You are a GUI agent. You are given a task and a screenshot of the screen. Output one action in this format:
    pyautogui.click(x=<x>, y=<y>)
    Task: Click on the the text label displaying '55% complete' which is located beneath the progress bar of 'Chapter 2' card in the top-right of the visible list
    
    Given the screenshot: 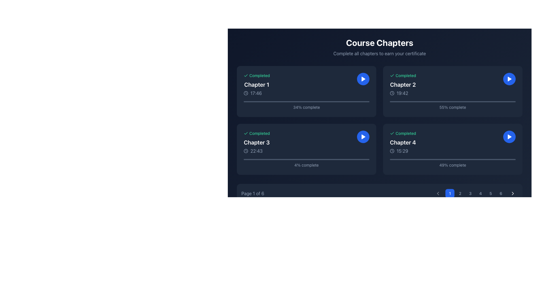 What is the action you would take?
    pyautogui.click(x=452, y=106)
    